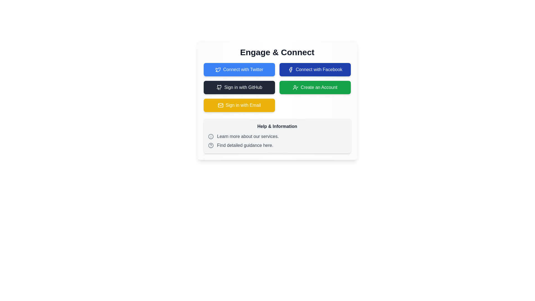 Image resolution: width=535 pixels, height=301 pixels. What do you see at coordinates (220, 105) in the screenshot?
I see `the email icon located to the left of the 'Sign in with Email' text within the 'Sign in with Email' button in the 'Engage & Connect' section` at bounding box center [220, 105].